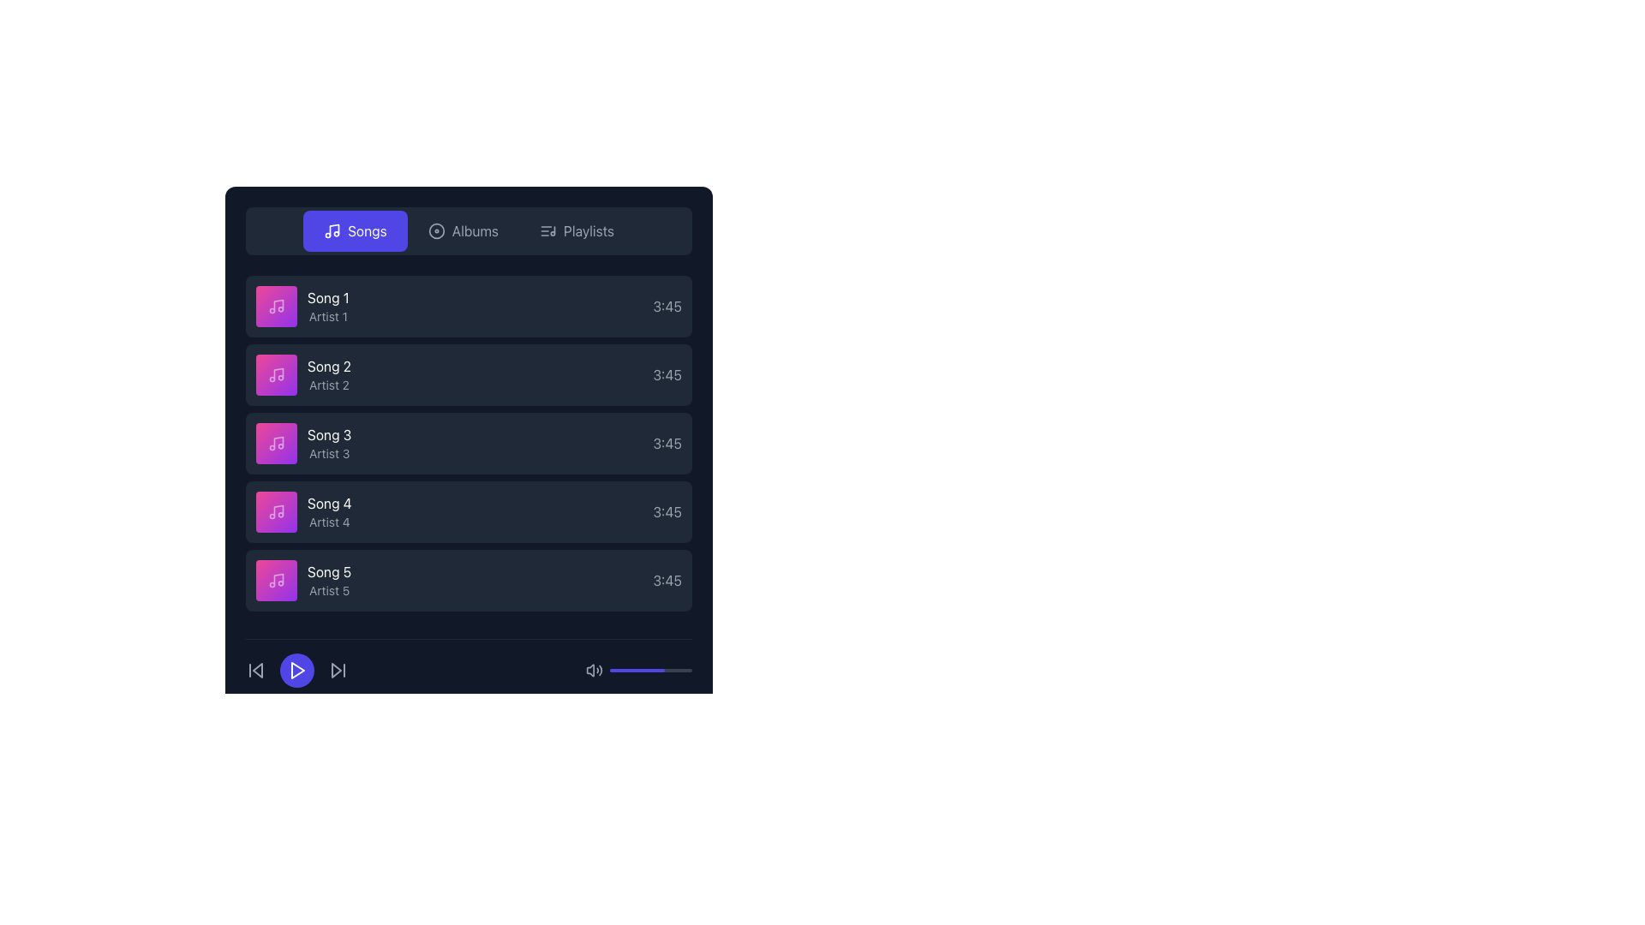 The height and width of the screenshot is (925, 1645). What do you see at coordinates (329, 580) in the screenshot?
I see `the text label displaying 'Song 5' by 'Artist 5' to focus or select it` at bounding box center [329, 580].